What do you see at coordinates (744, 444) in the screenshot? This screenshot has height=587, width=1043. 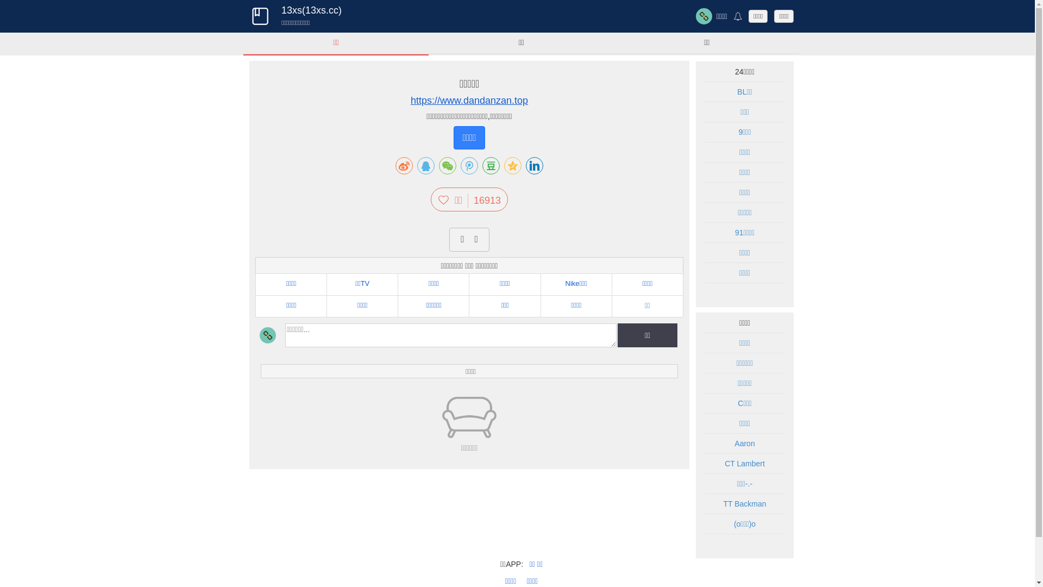 I see `'Aaron'` at bounding box center [744, 444].